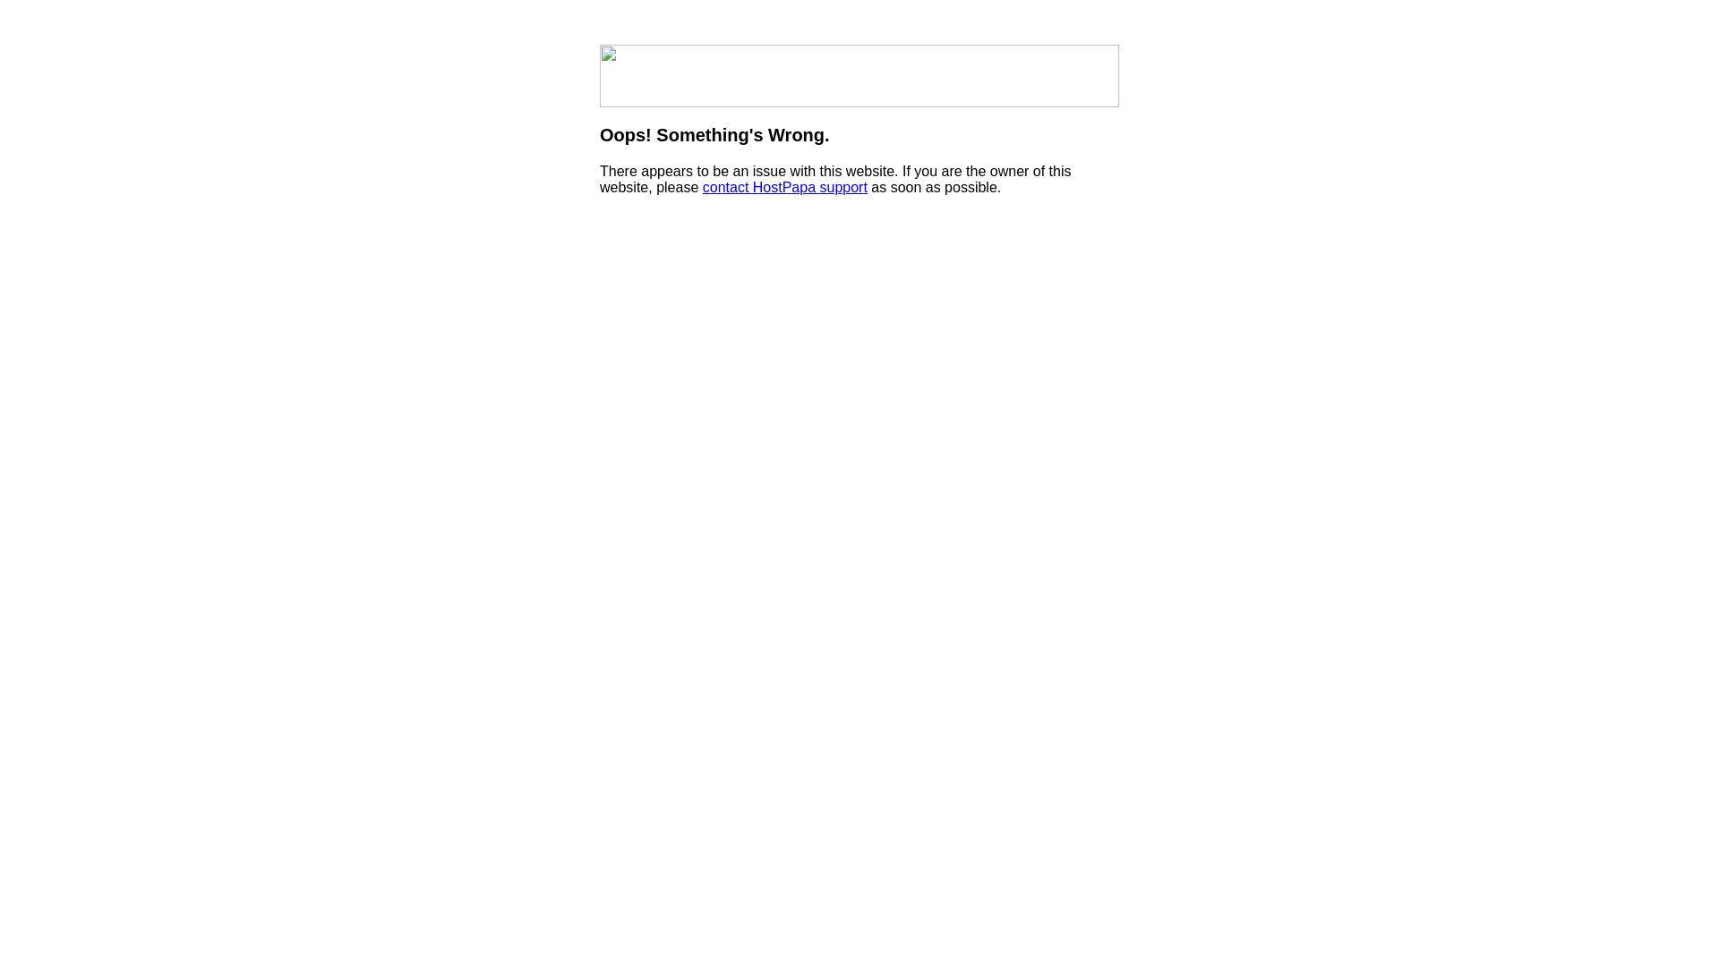 The width and height of the screenshot is (1719, 966). What do you see at coordinates (785, 187) in the screenshot?
I see `'contact HostPapa support'` at bounding box center [785, 187].